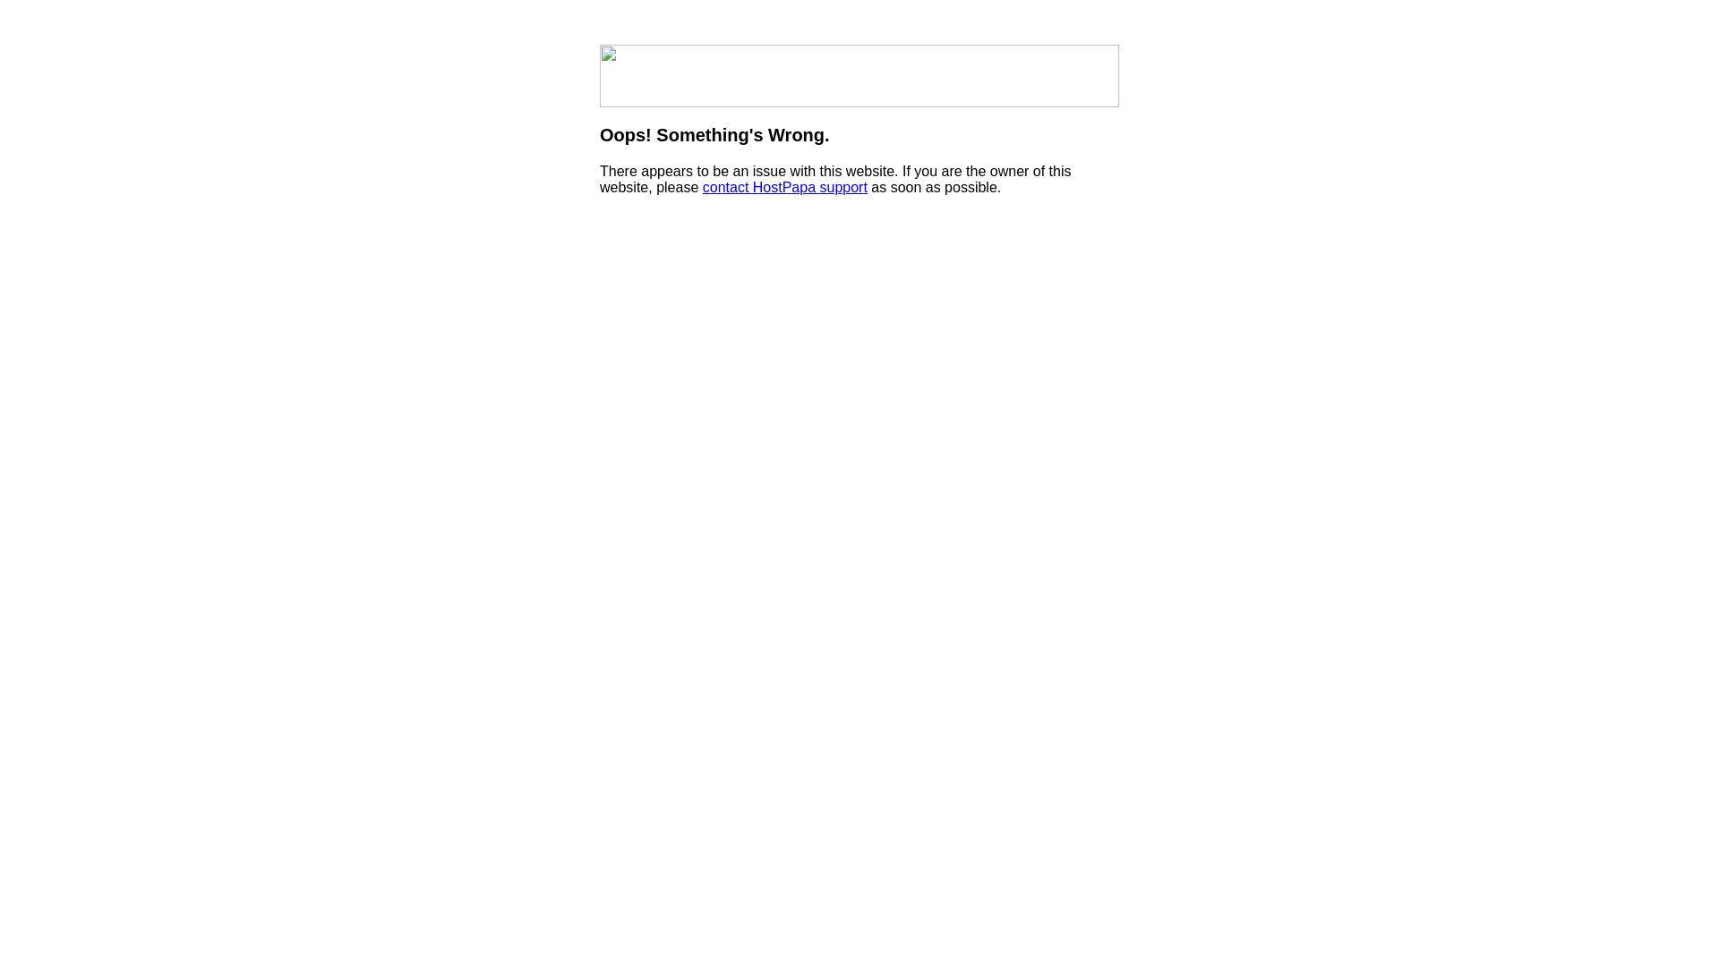 The width and height of the screenshot is (1719, 966). What do you see at coordinates (785, 187) in the screenshot?
I see `'contact HostPapa support'` at bounding box center [785, 187].